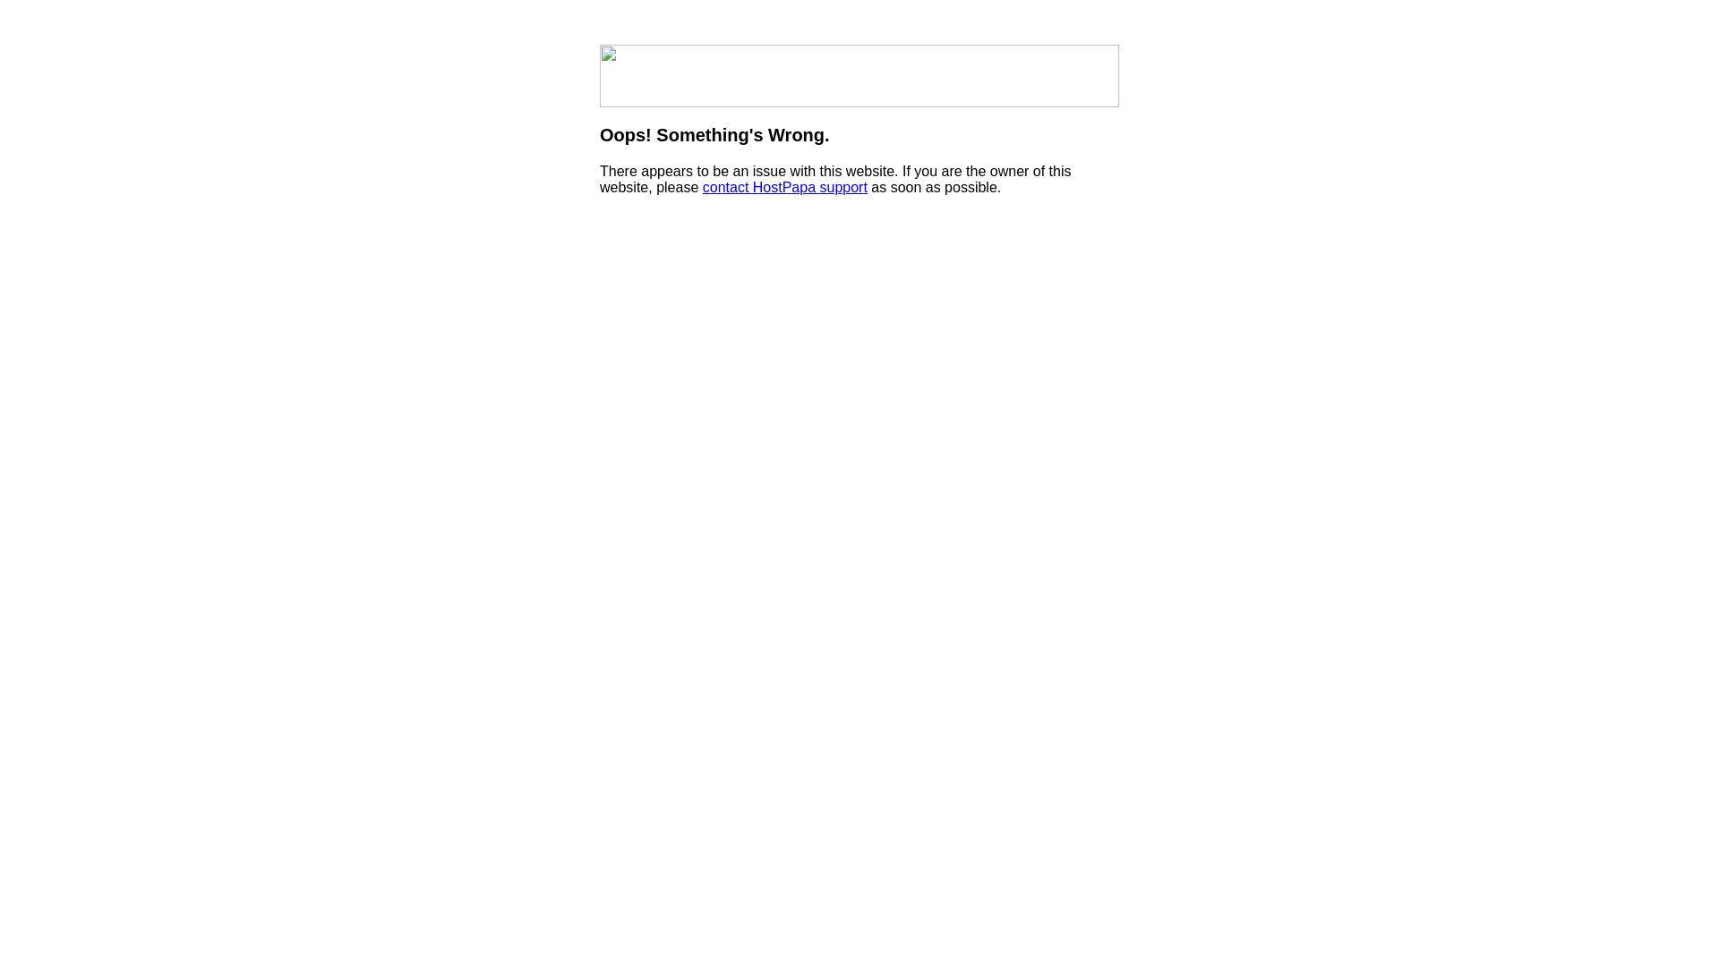 The width and height of the screenshot is (1719, 966). What do you see at coordinates (785, 187) in the screenshot?
I see `'contact HostPapa support'` at bounding box center [785, 187].